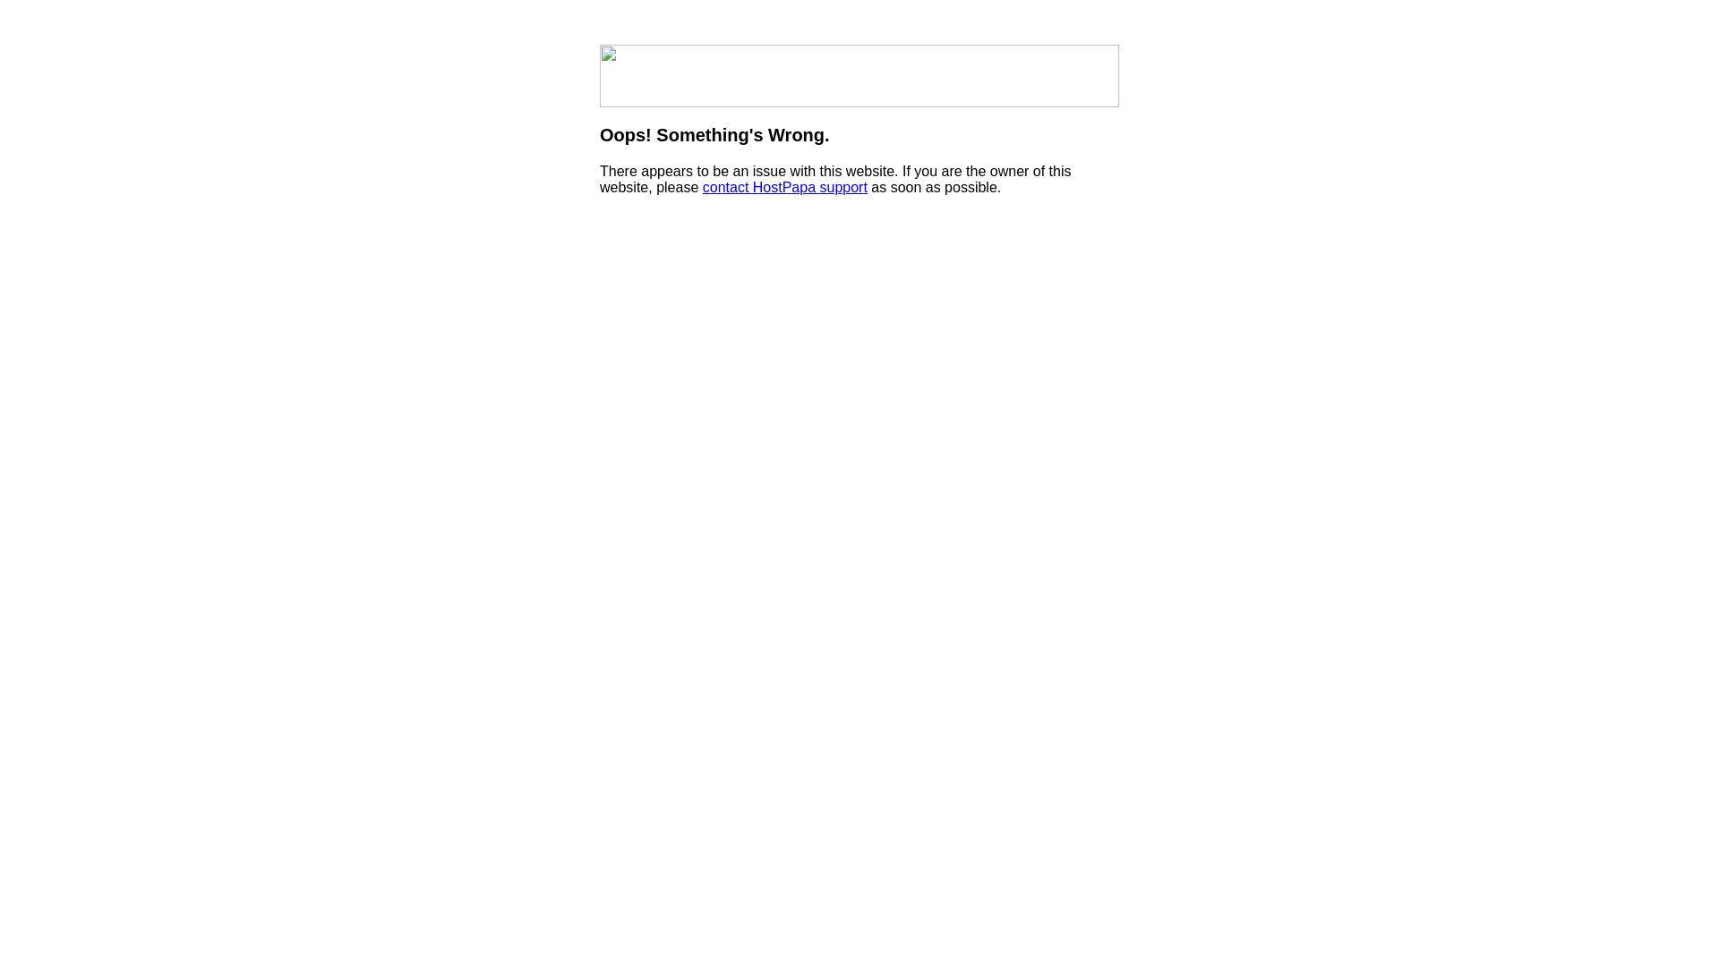 The width and height of the screenshot is (1719, 966). What do you see at coordinates (785, 187) in the screenshot?
I see `'contact HostPapa support'` at bounding box center [785, 187].